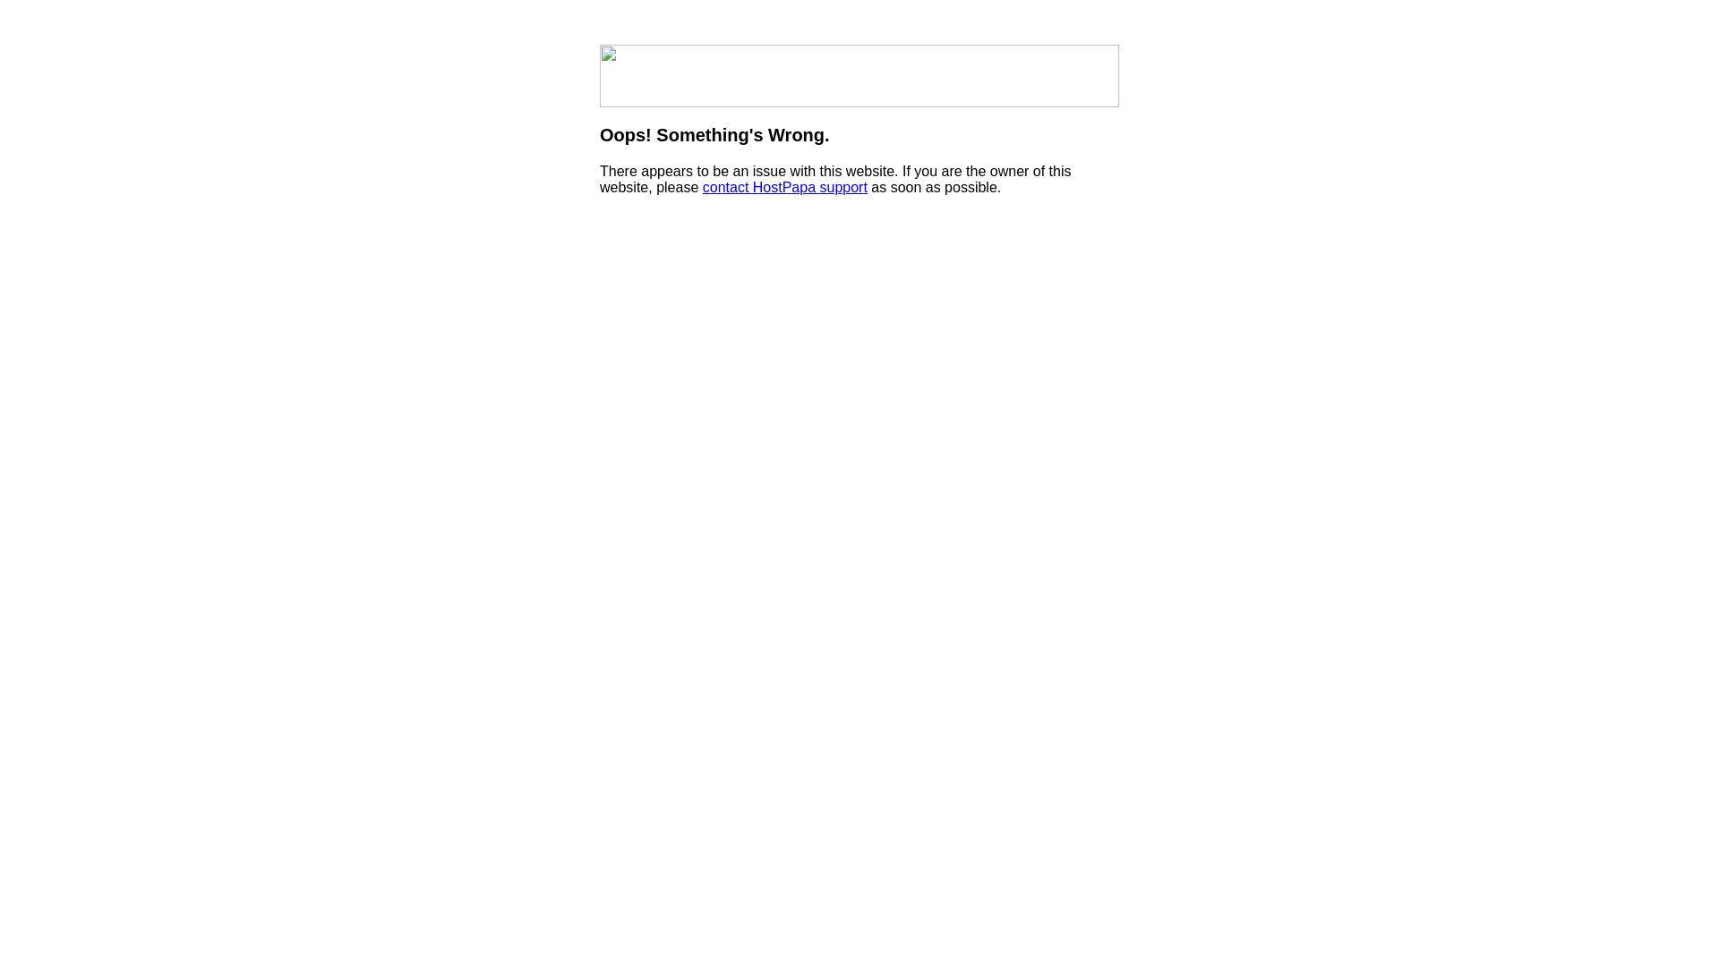 The width and height of the screenshot is (1719, 966). What do you see at coordinates (785, 187) in the screenshot?
I see `'contact HostPapa support'` at bounding box center [785, 187].